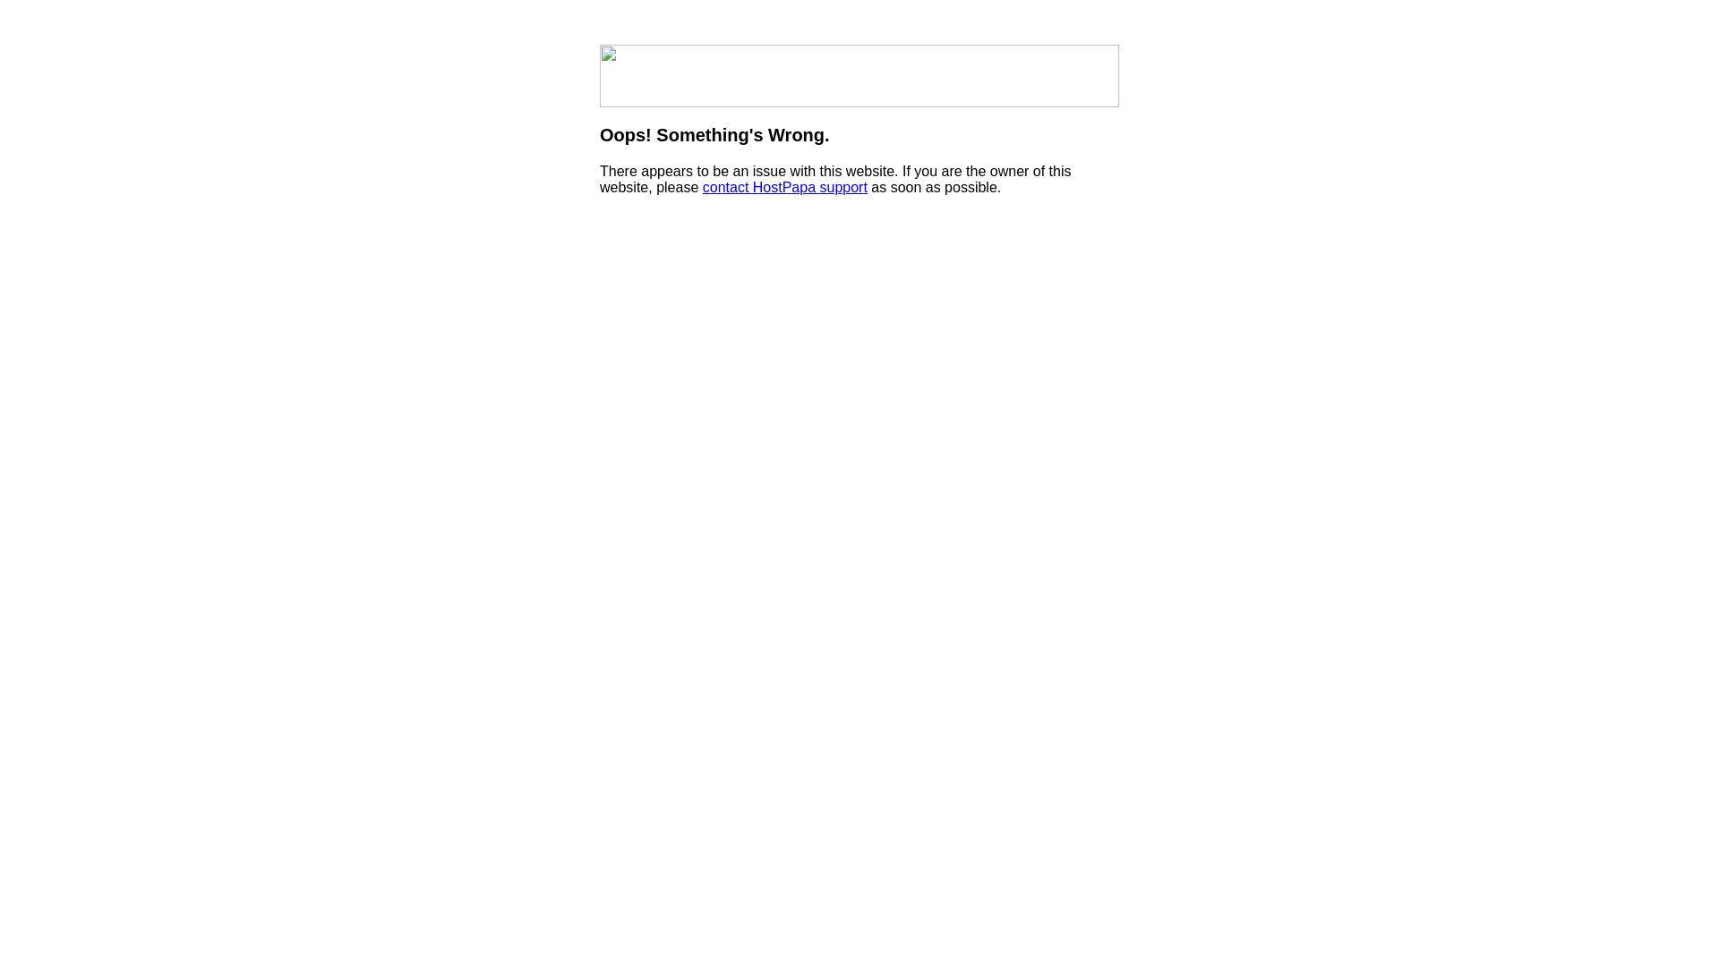 The width and height of the screenshot is (1719, 966). What do you see at coordinates (785, 187) in the screenshot?
I see `'contact HostPapa support'` at bounding box center [785, 187].